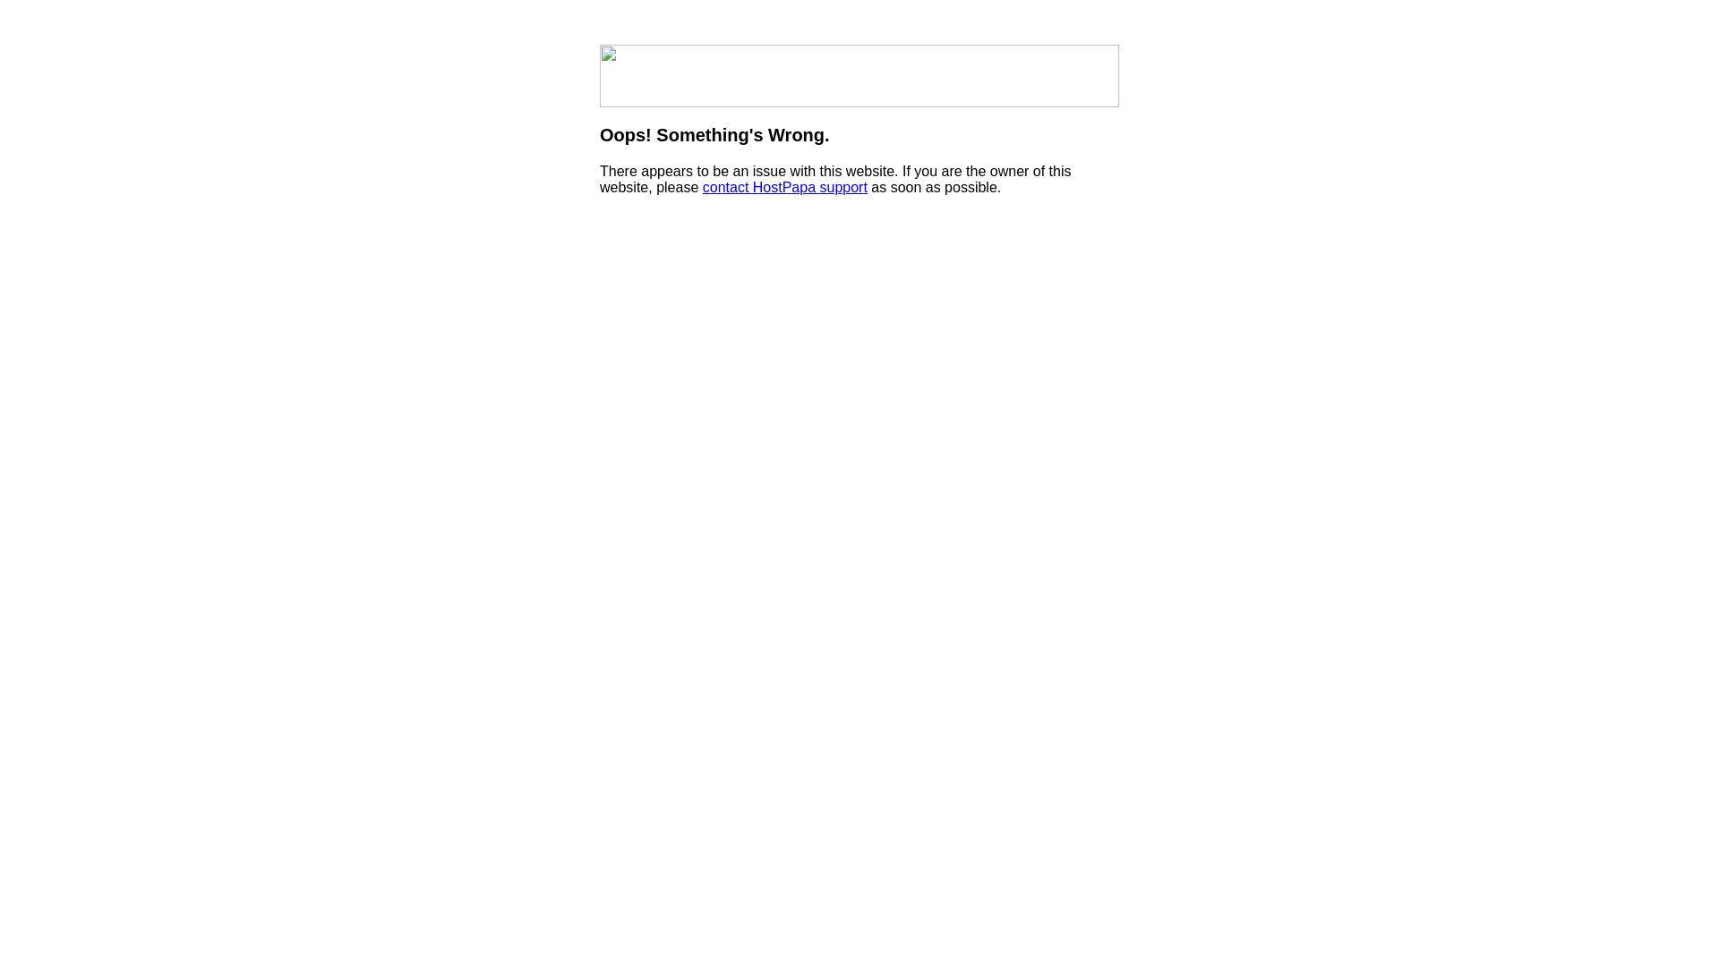 The width and height of the screenshot is (1719, 966). What do you see at coordinates (785, 187) in the screenshot?
I see `'contact HostPapa support'` at bounding box center [785, 187].